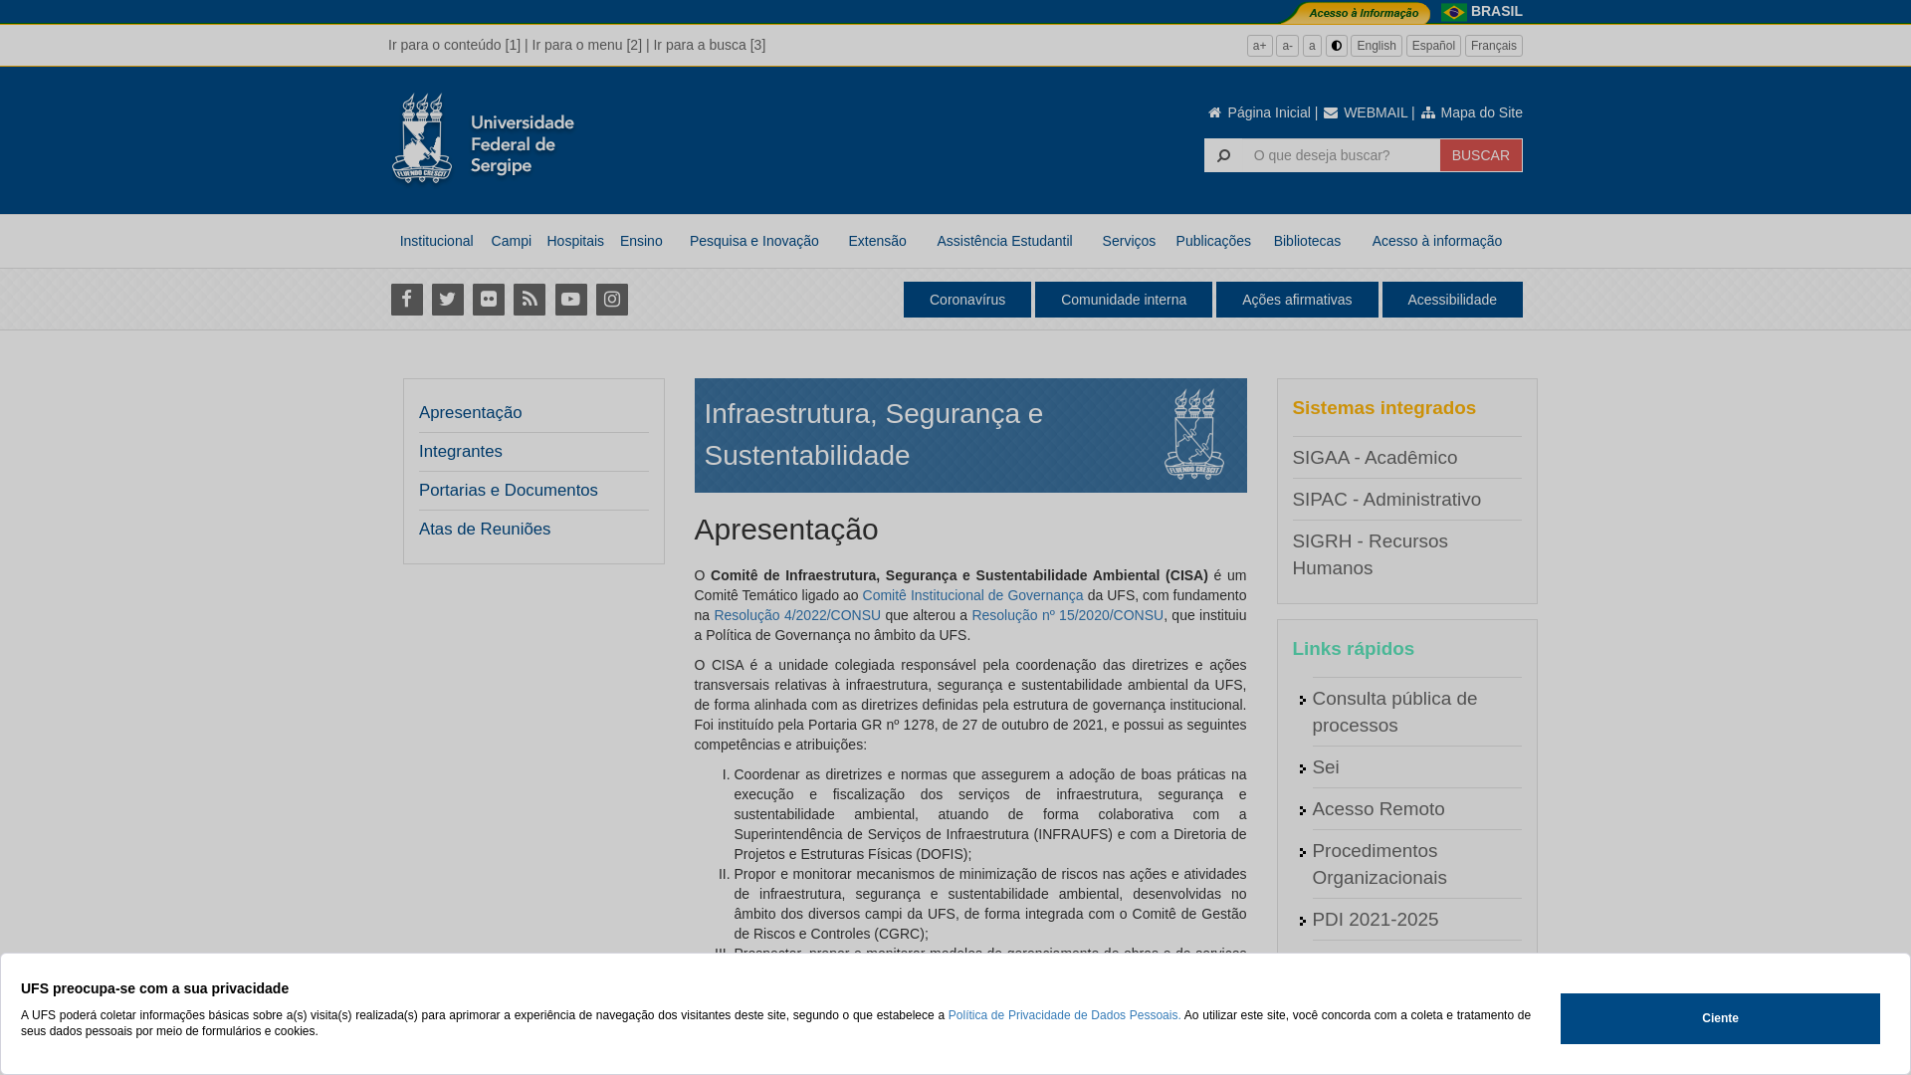 The image size is (1911, 1075). I want to click on 'Facebook', so click(405, 299).